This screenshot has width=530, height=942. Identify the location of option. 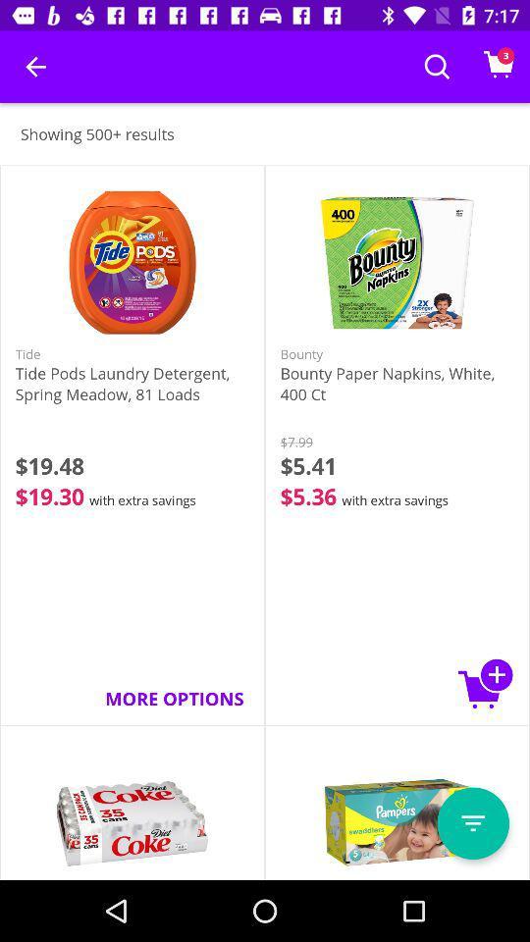
(472, 823).